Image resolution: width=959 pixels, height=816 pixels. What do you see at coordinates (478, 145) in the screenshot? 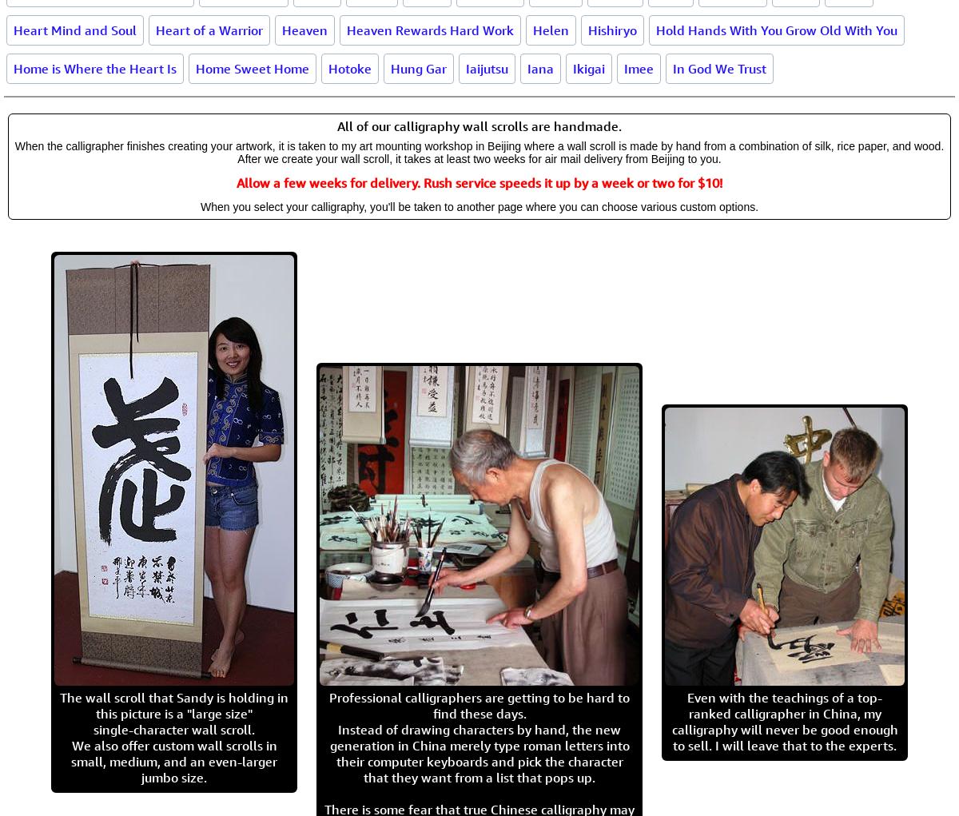
I see `'When the calligrapher finishes creating your artwork, it is taken to my art mounting workshop in Beijing where a wall scroll is made by hand from a combination of silk, rice paper, and wood.'` at bounding box center [478, 145].